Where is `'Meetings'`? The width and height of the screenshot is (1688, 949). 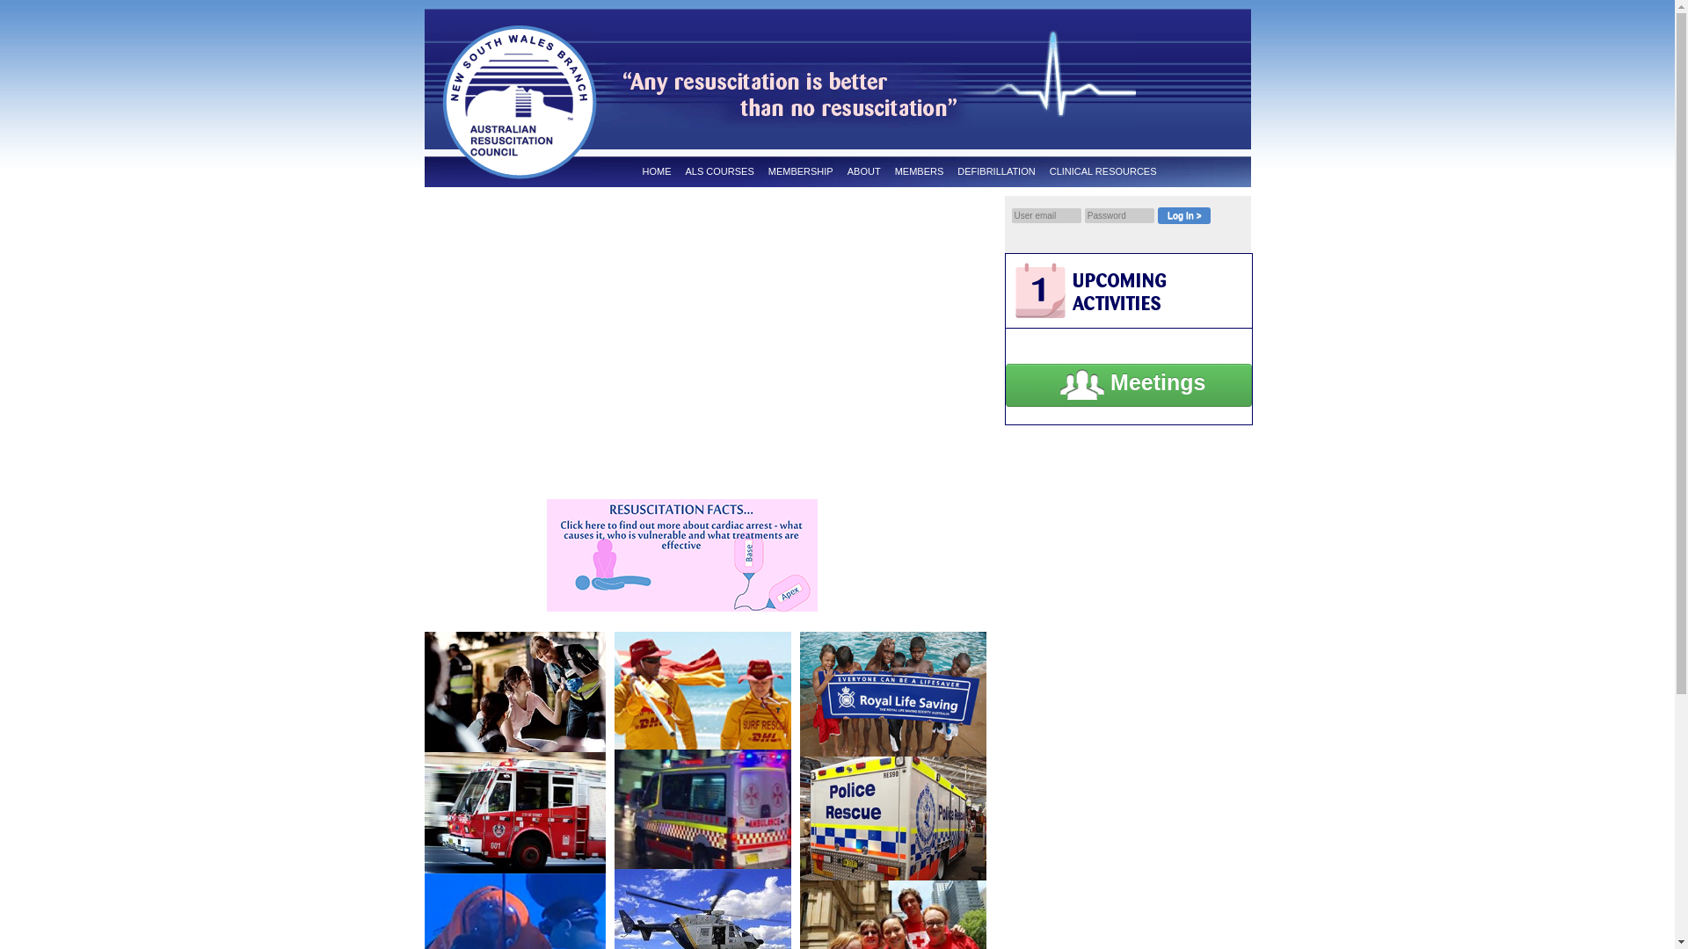
'Meetings' is located at coordinates (1005, 384).